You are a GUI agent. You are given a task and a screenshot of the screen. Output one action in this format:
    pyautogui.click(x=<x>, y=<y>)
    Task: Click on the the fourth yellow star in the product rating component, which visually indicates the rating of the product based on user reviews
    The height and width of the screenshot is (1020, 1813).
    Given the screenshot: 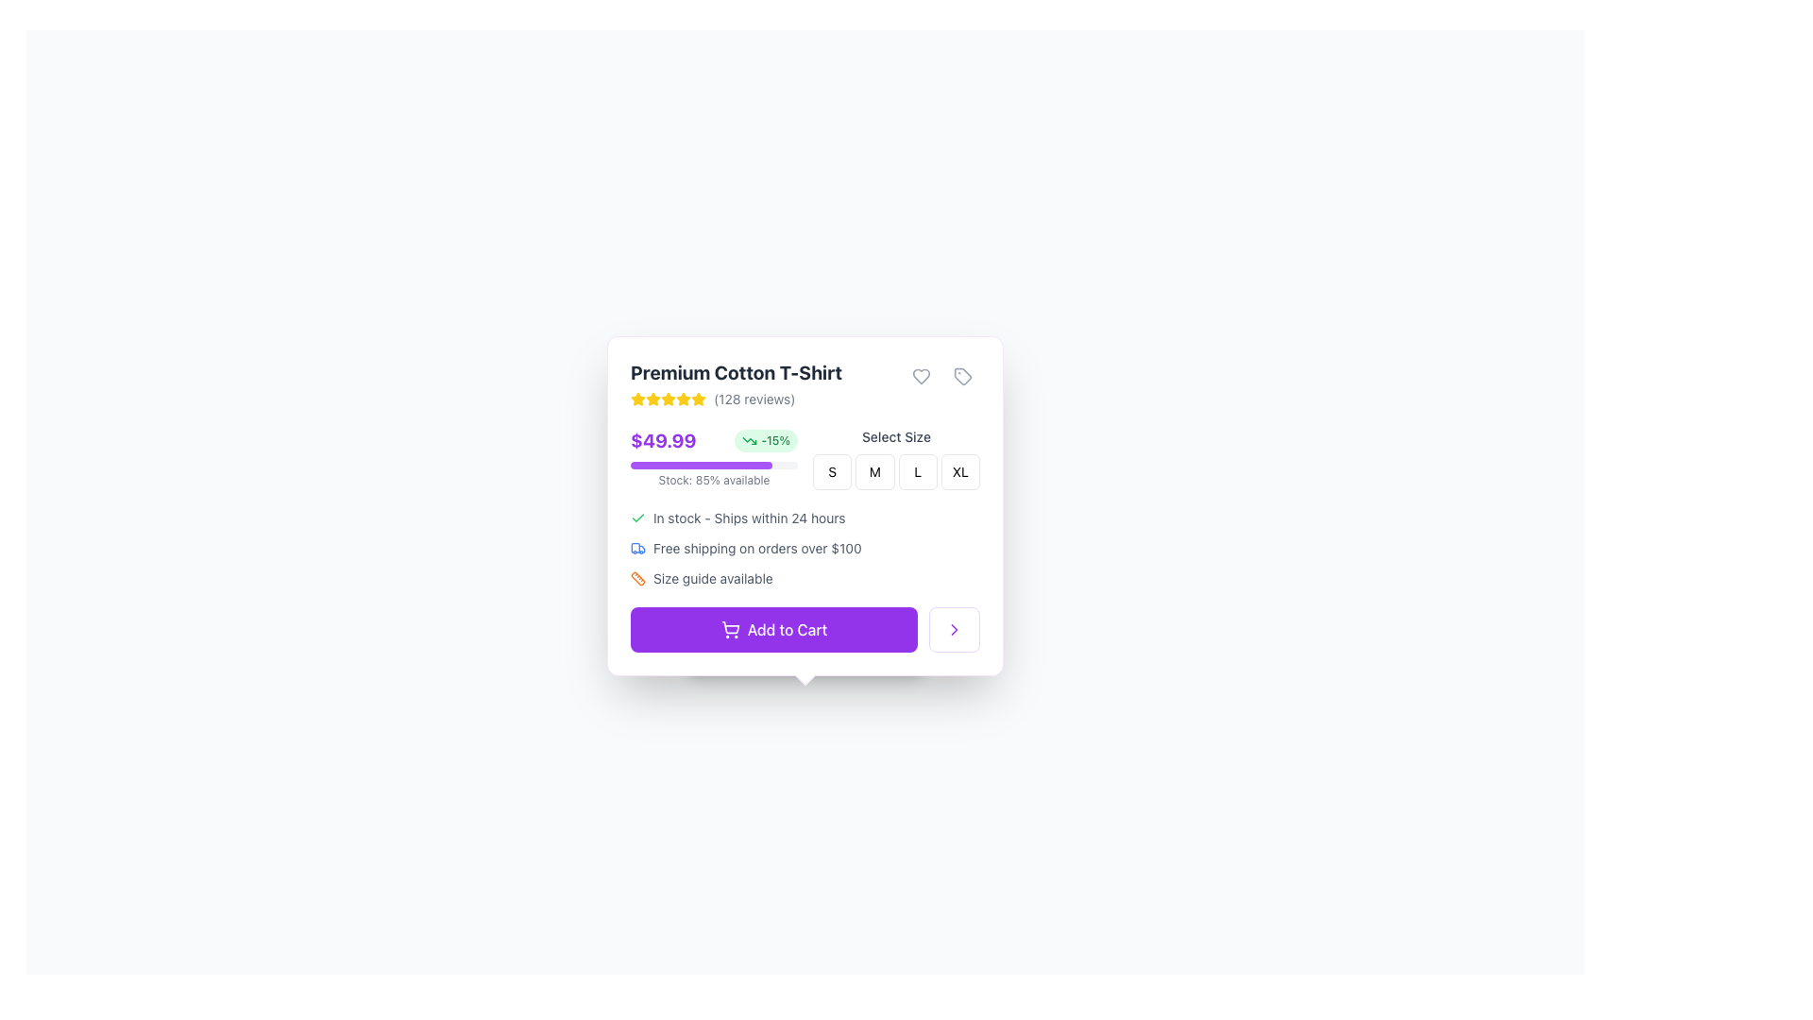 What is the action you would take?
    pyautogui.click(x=669, y=398)
    